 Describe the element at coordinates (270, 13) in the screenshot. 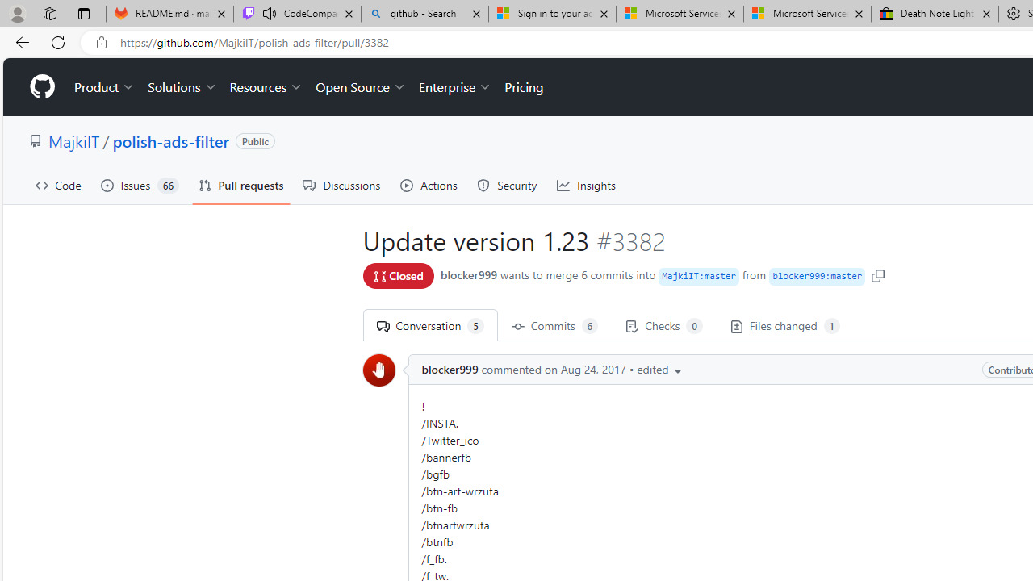

I see `'Mute tab'` at that location.